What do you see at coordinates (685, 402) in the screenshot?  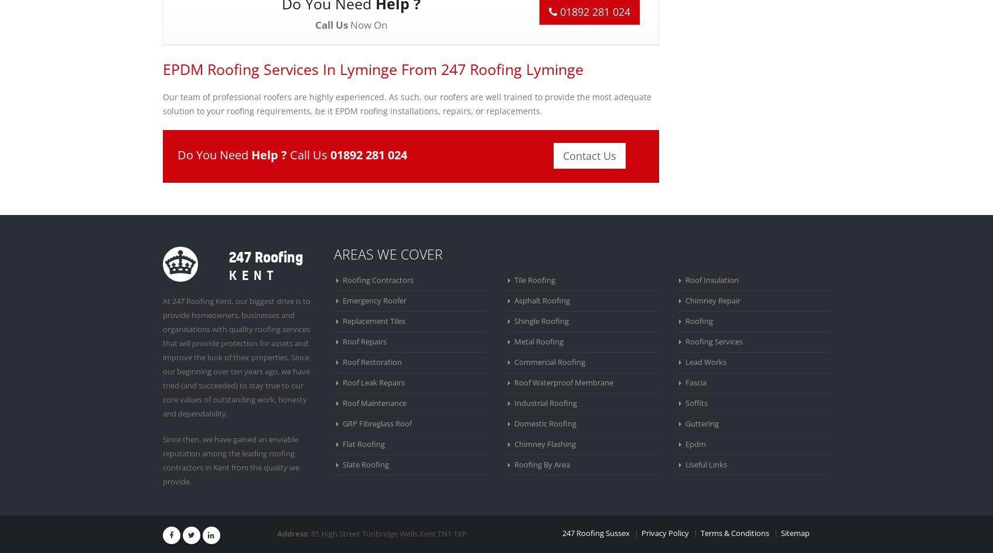 I see `'Soffits'` at bounding box center [685, 402].